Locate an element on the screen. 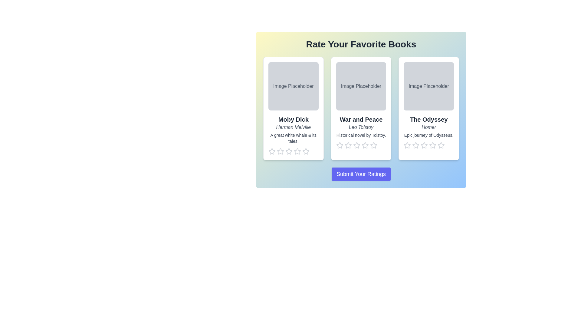  the star corresponding to the rating 4 for the book The Odyssey is located at coordinates (432, 145).